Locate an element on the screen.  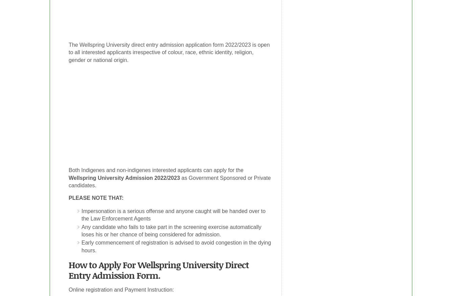
'The Wellspring University direct entry admission application form 2022/2023 is open to all interested applicants irrespective of colour, race, ethnic identity, religion, gender or national origin.' is located at coordinates (169, 52).